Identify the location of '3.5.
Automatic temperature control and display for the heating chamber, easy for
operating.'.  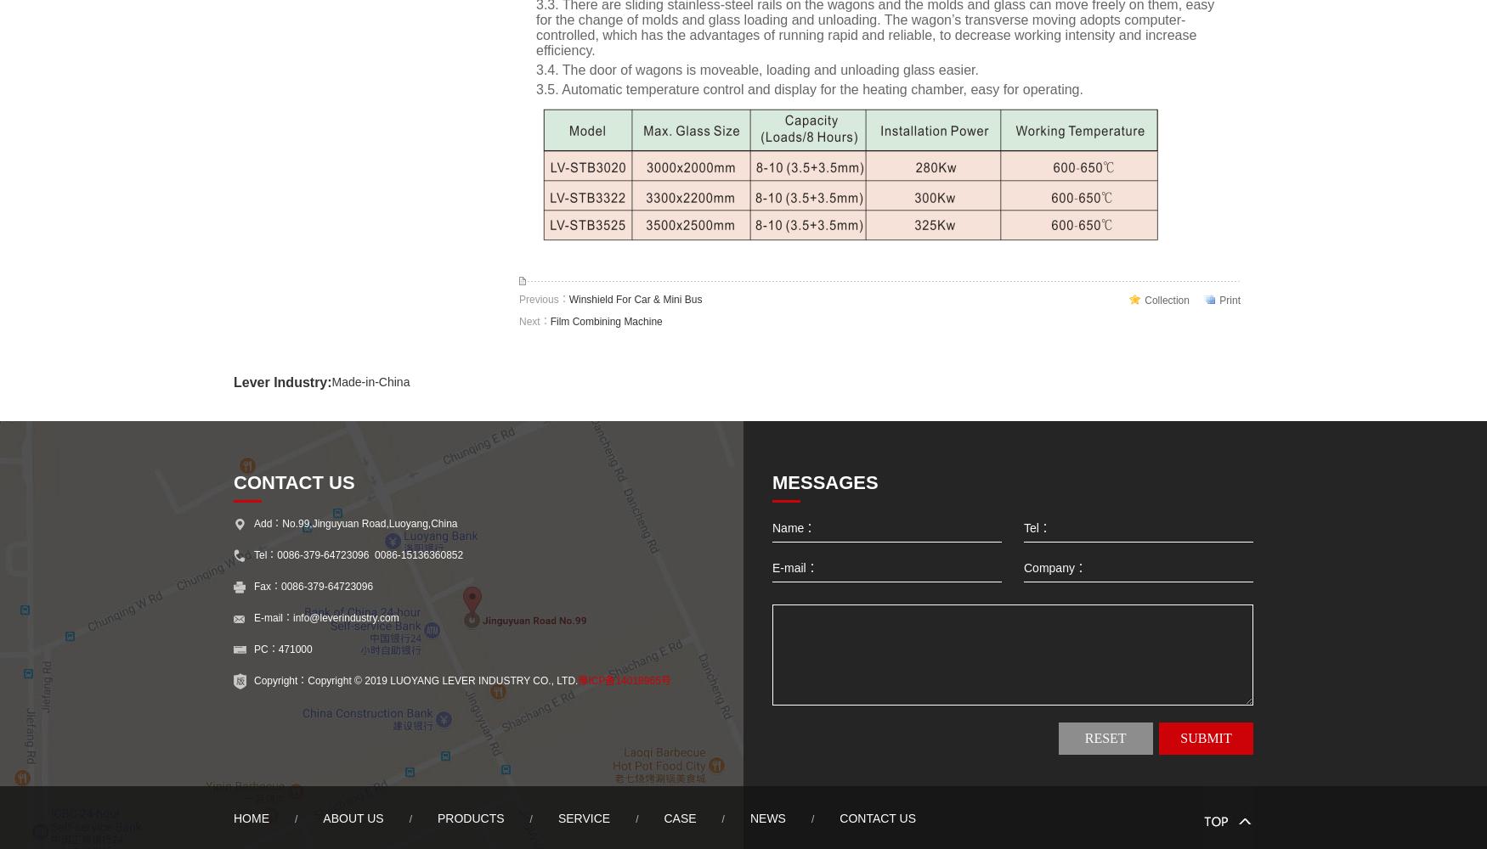
(809, 88).